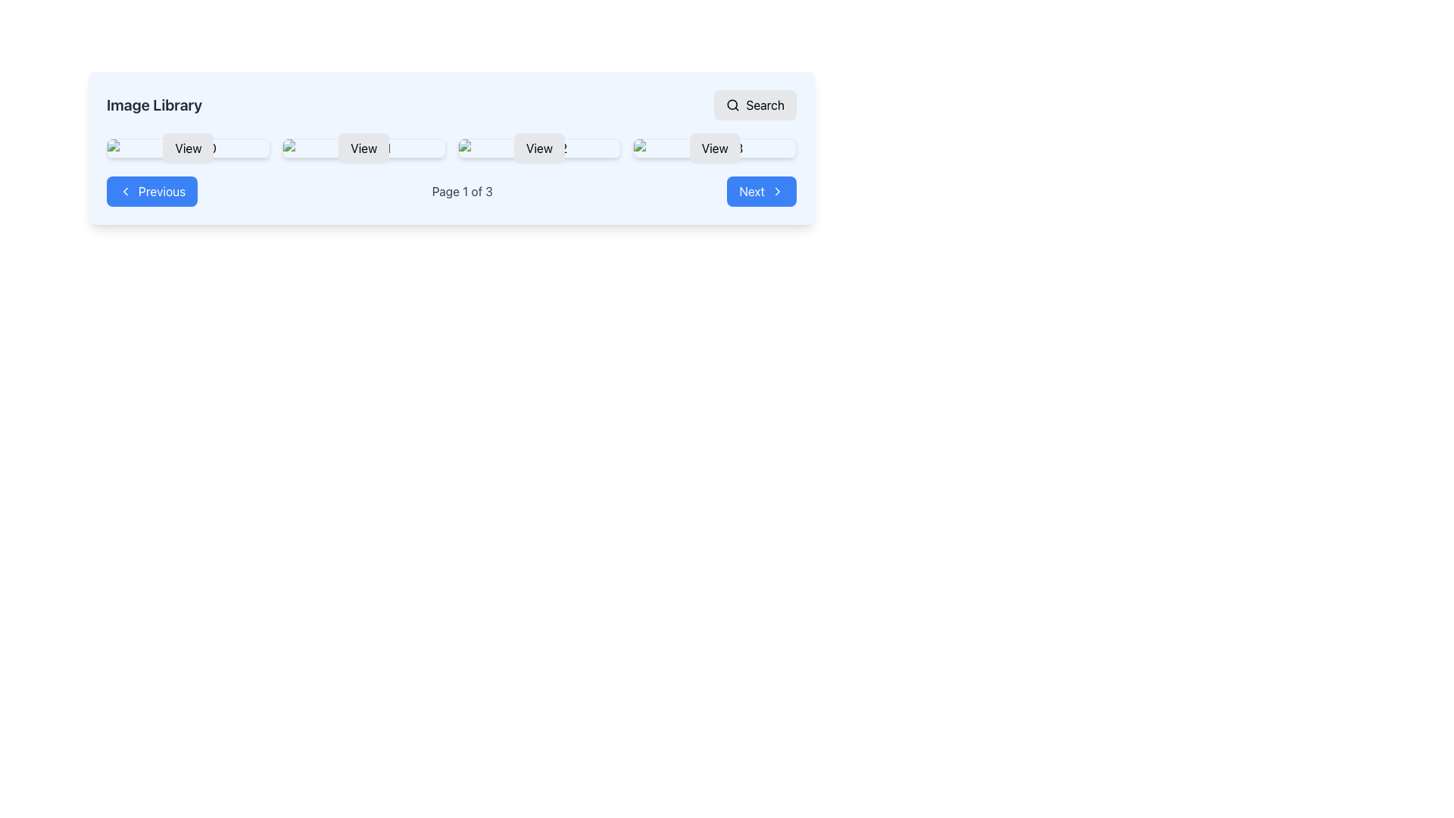 Image resolution: width=1454 pixels, height=818 pixels. I want to click on the 'Next' text label, which is styled as a blue button with white text, located at the bottom-right corner of the interface, so click(752, 191).